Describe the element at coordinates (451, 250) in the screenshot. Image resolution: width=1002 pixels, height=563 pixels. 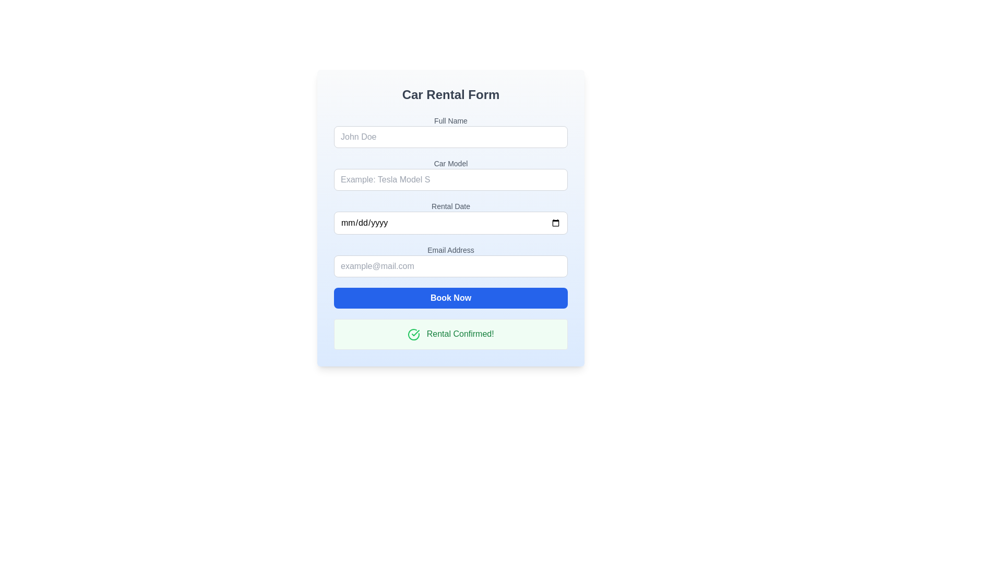
I see `the text label element reading 'Email Address', which is styled in a small, gray font and located above the email input field in the 'Car Rental Form'` at that location.